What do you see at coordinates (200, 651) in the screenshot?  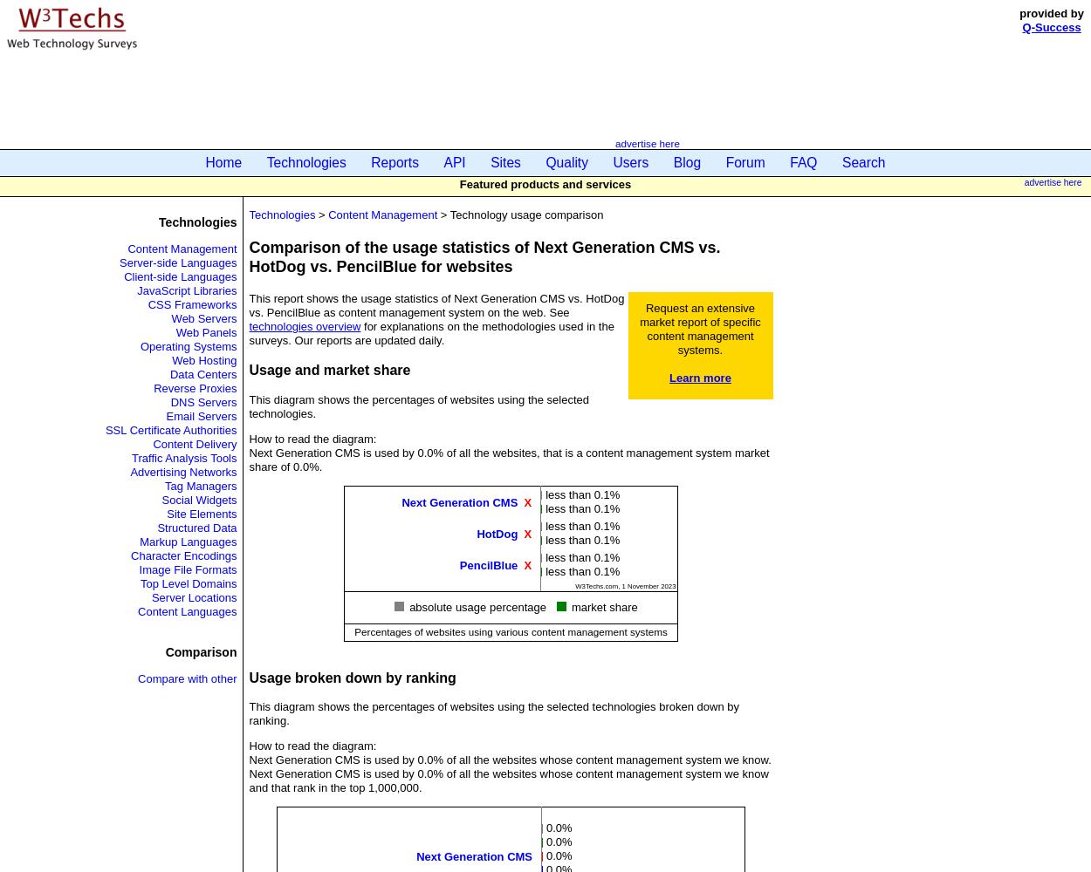 I see `'Comparison'` at bounding box center [200, 651].